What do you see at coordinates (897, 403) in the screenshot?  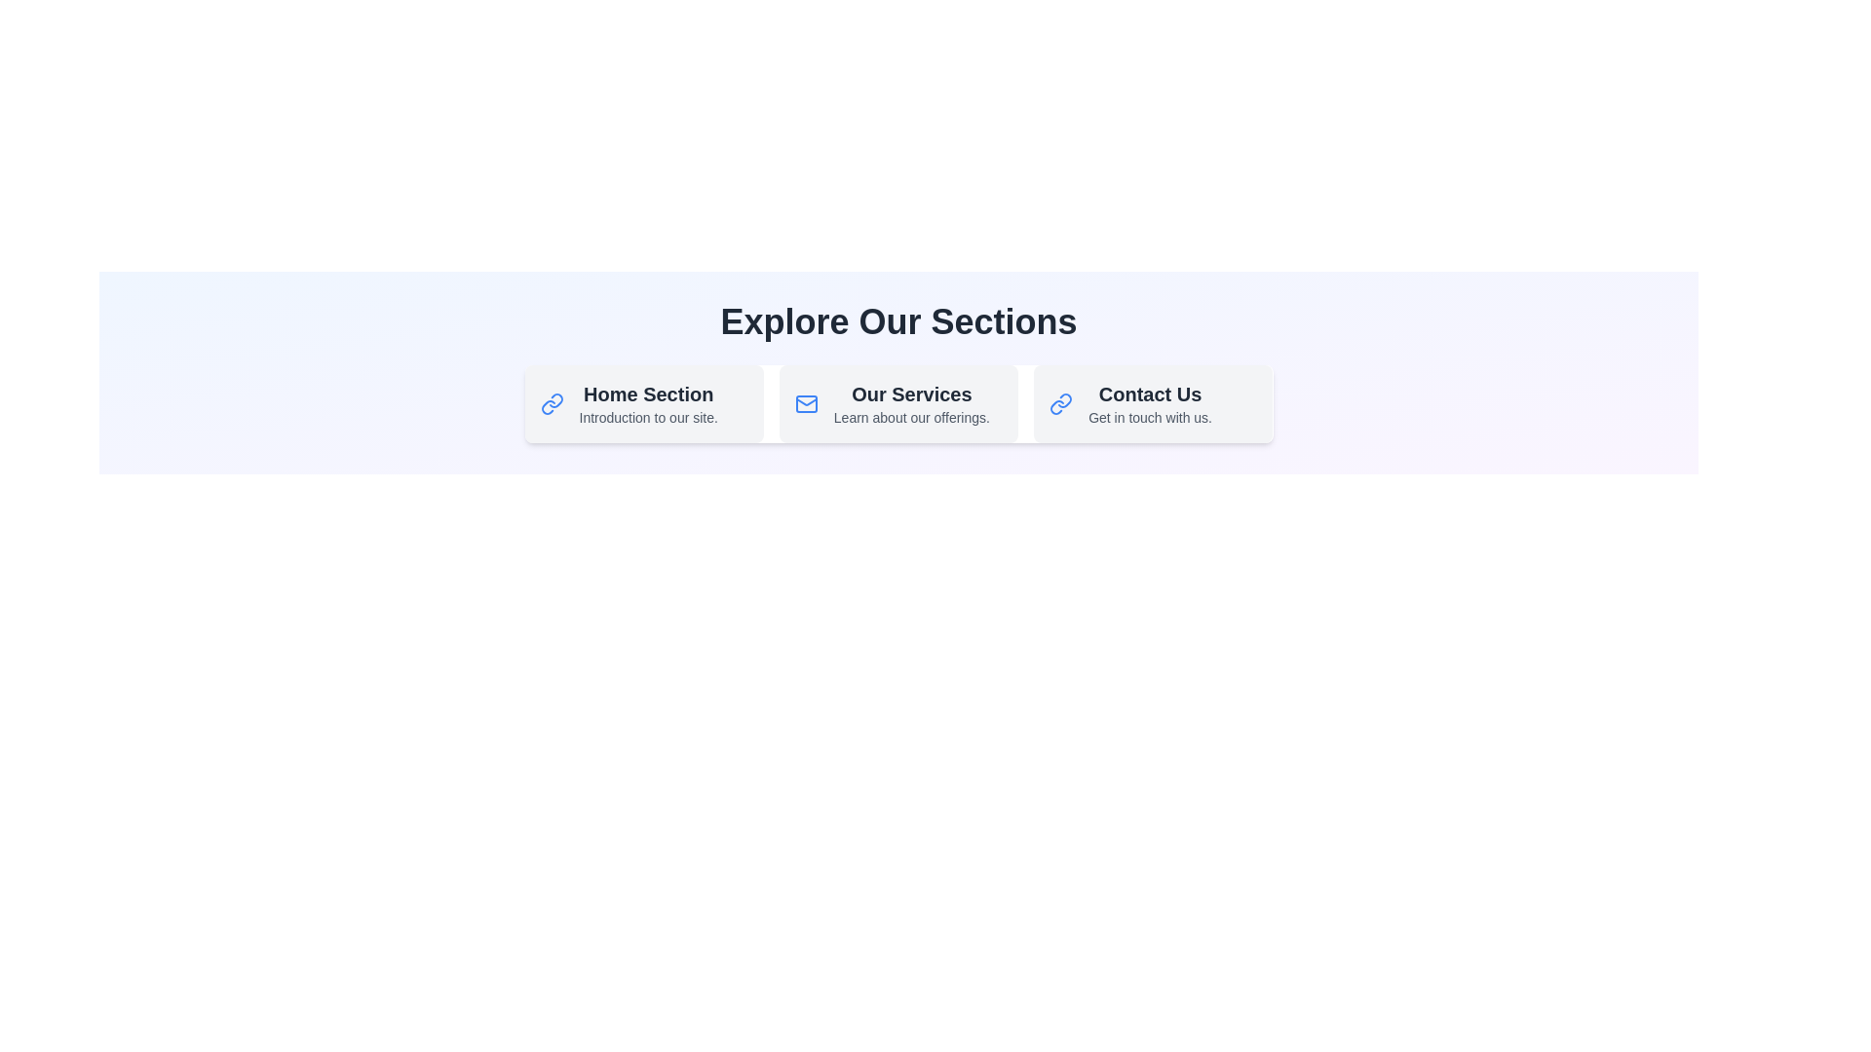 I see `text in the informational card titled 'Our Services', which includes the header and detail text` at bounding box center [897, 403].